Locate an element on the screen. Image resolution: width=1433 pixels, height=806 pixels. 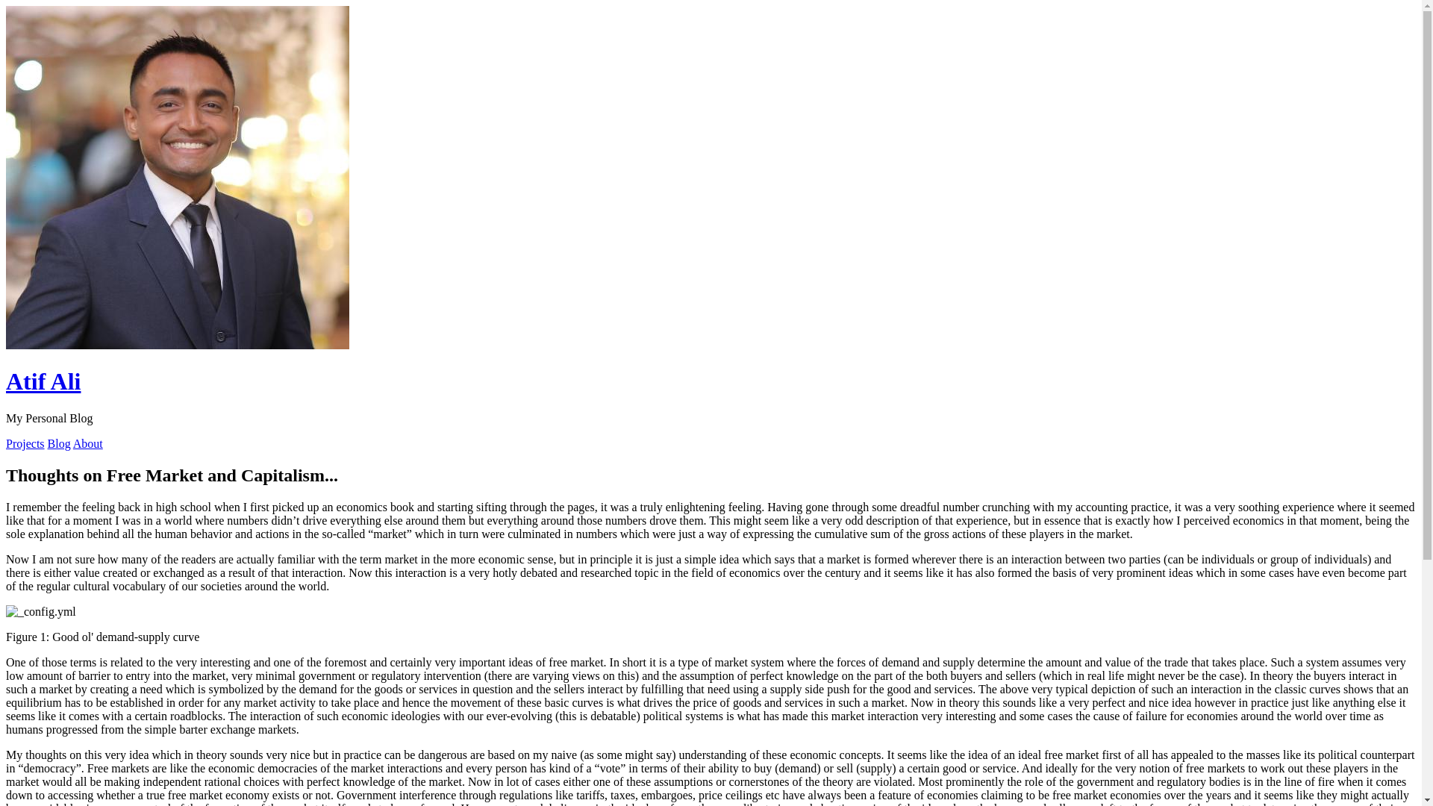
'Atif Ali' is located at coordinates (43, 380).